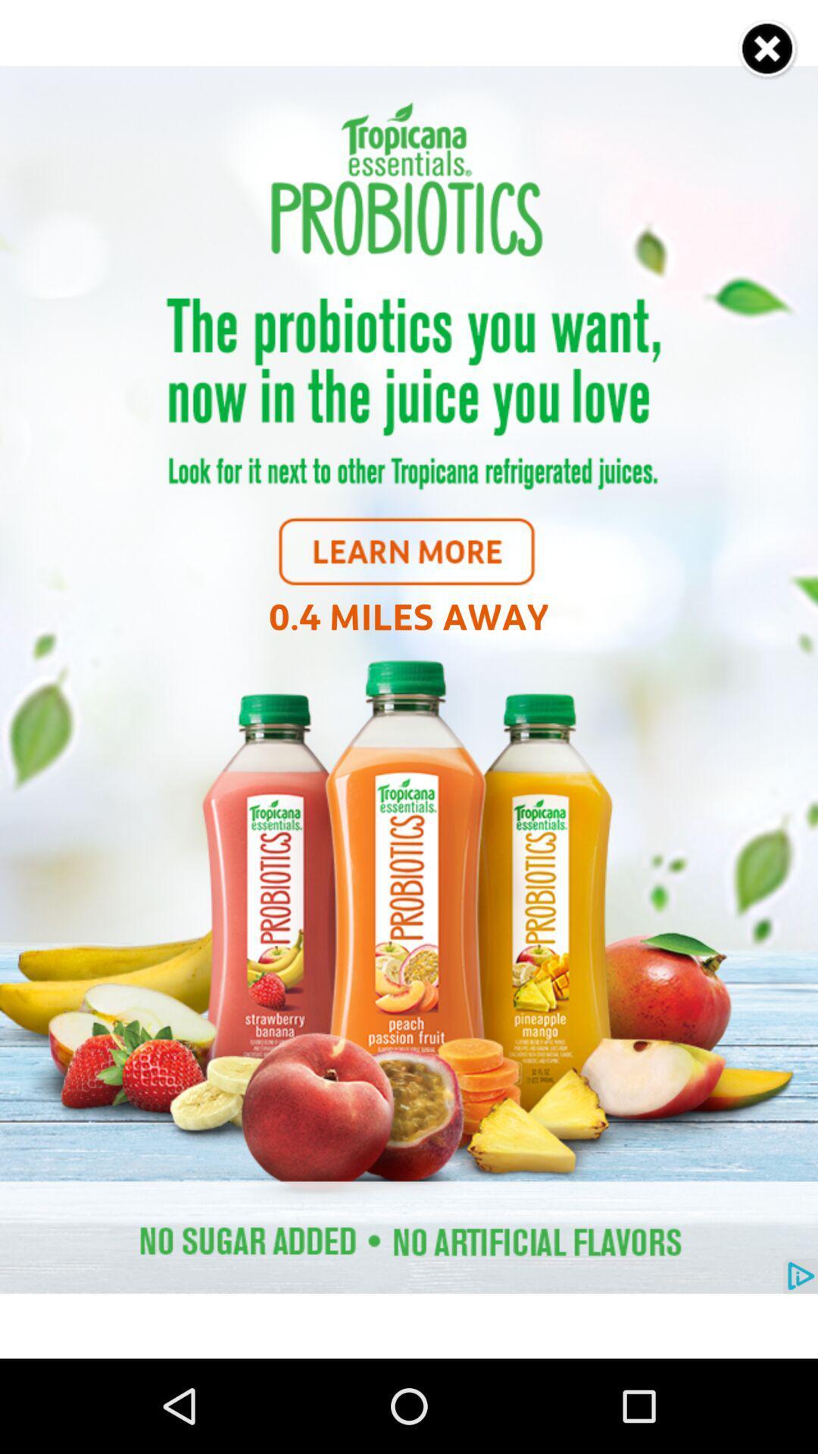 The image size is (818, 1454). I want to click on the close icon, so click(768, 53).